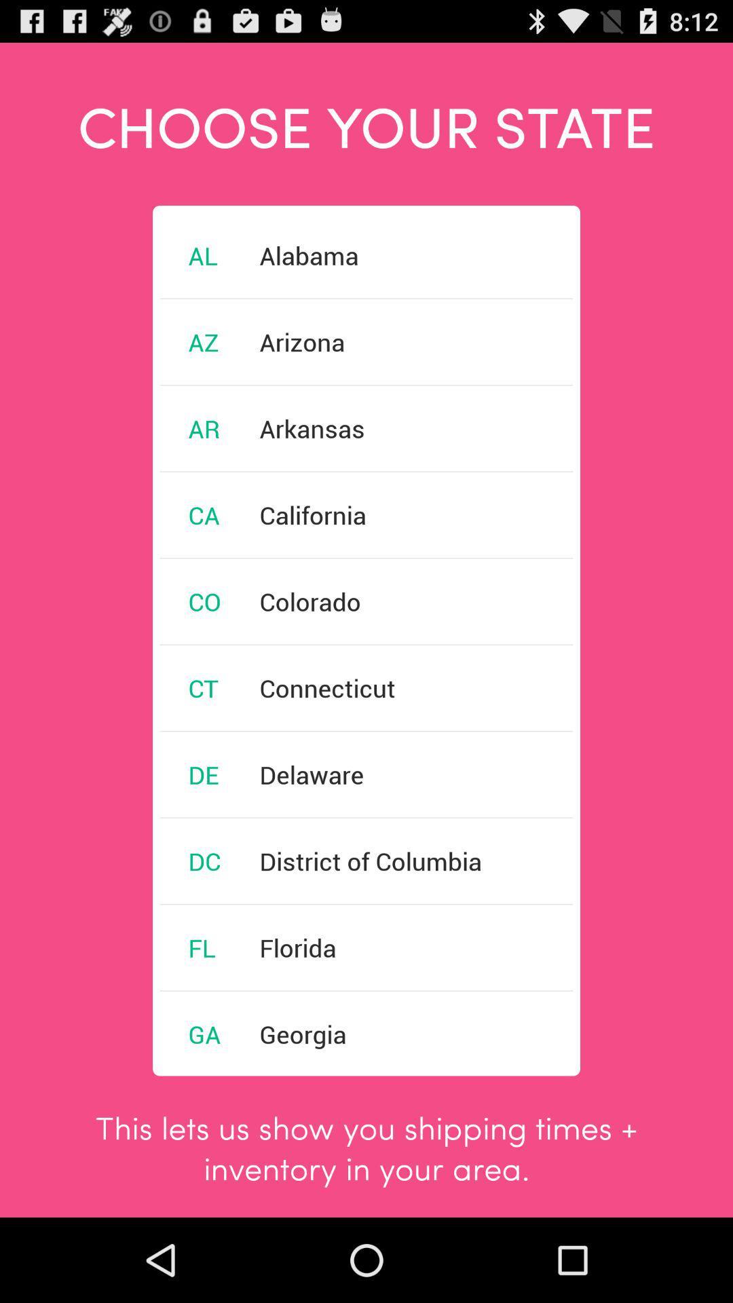 The image size is (733, 1303). Describe the element at coordinates (203, 255) in the screenshot. I see `the icon above the az` at that location.